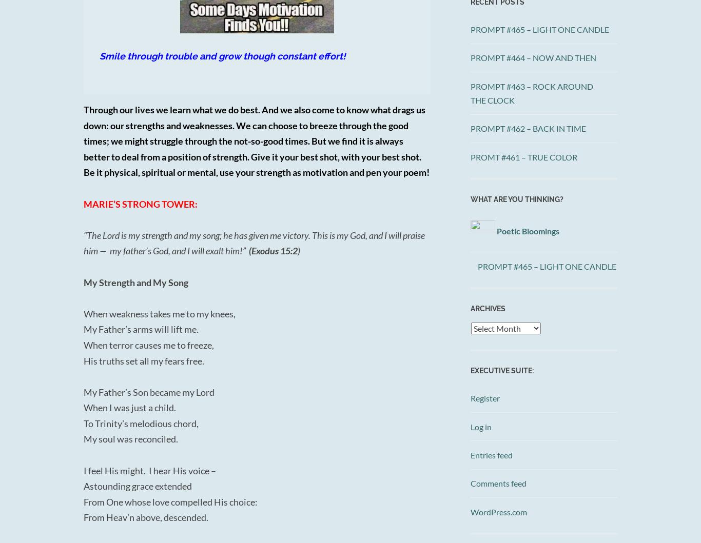 This screenshot has height=543, width=701. Describe the element at coordinates (523, 156) in the screenshot. I see `'PROMT #461 – TRUE COLOR'` at that location.